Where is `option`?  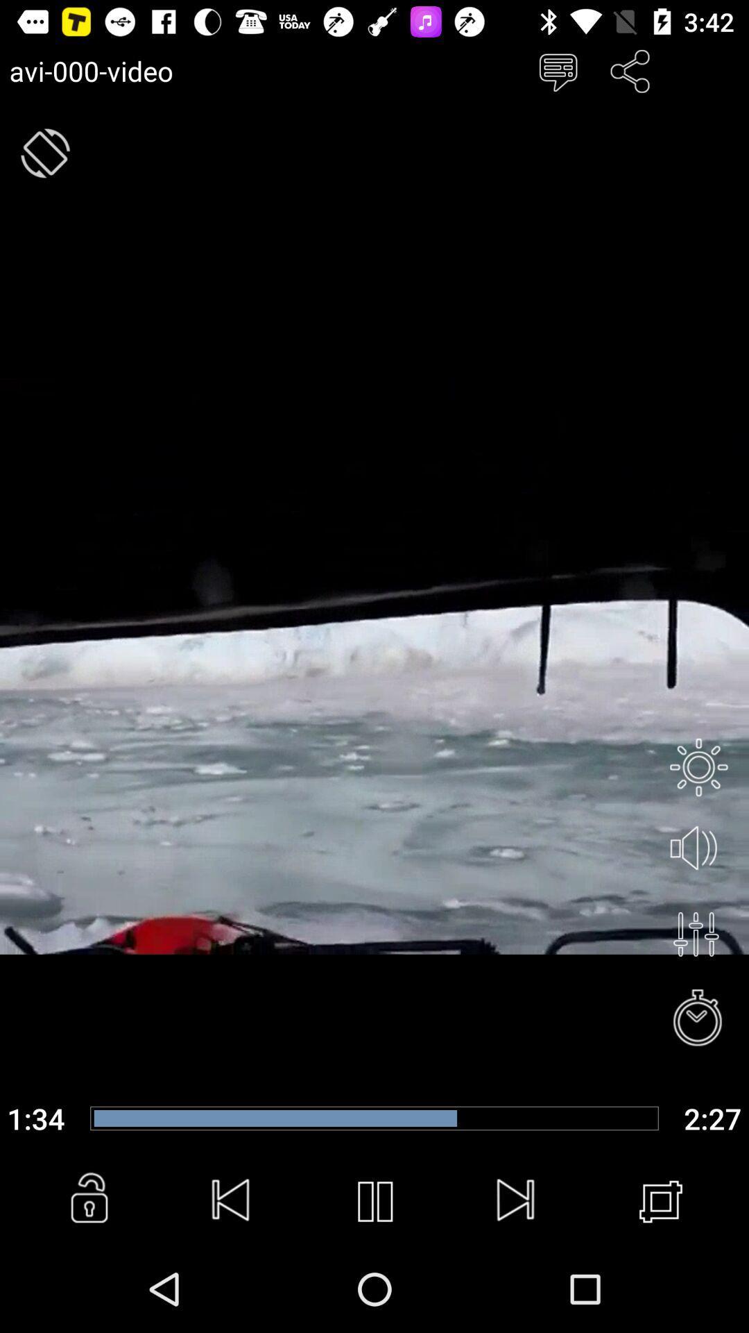
option is located at coordinates (696, 934).